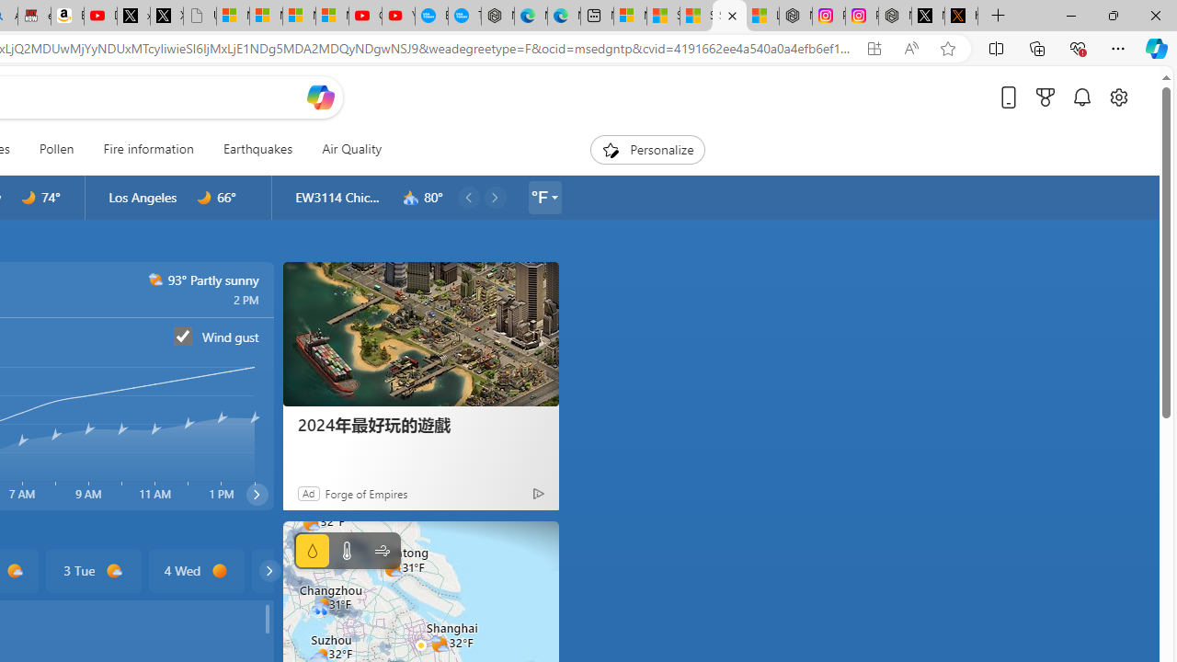 This screenshot has height=662, width=1177. I want to click on 'Wind', so click(381, 550).